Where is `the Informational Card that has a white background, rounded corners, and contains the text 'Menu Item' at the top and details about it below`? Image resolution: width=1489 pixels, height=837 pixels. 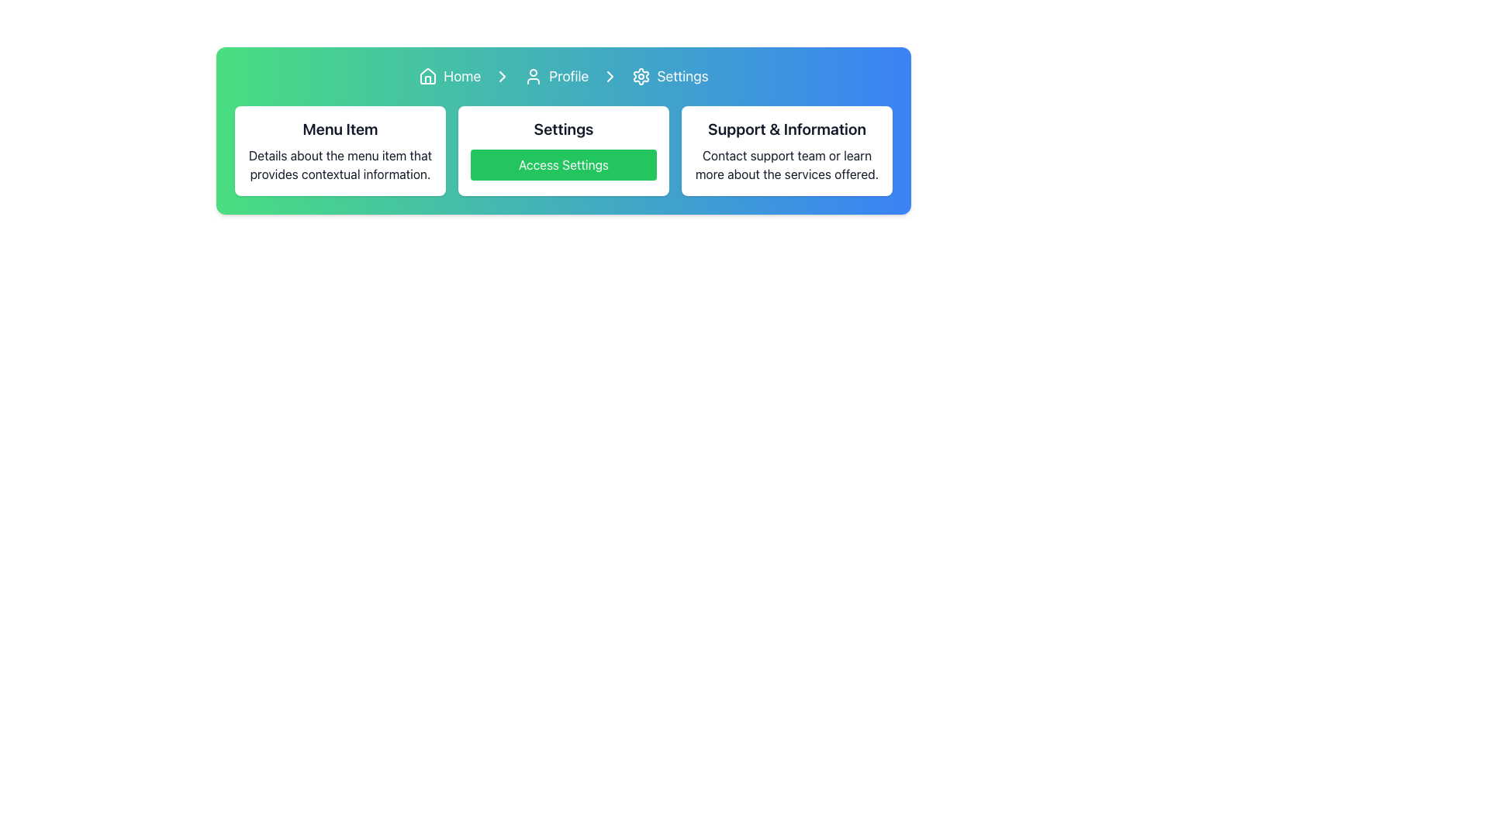
the Informational Card that has a white background, rounded corners, and contains the text 'Menu Item' at the top and details about it below is located at coordinates (339, 151).